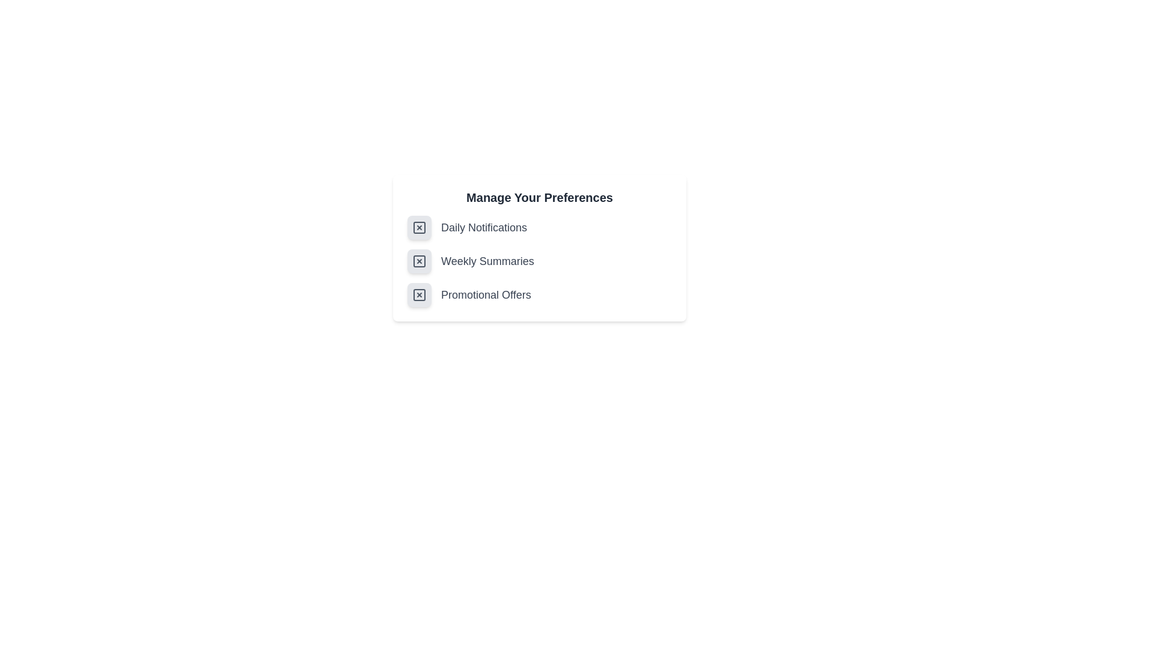 The width and height of the screenshot is (1154, 649). I want to click on the button that removes or deactivates the 'Daily Notifications' option, located as the first item in a vertical list, aligned to the left, so click(419, 227).